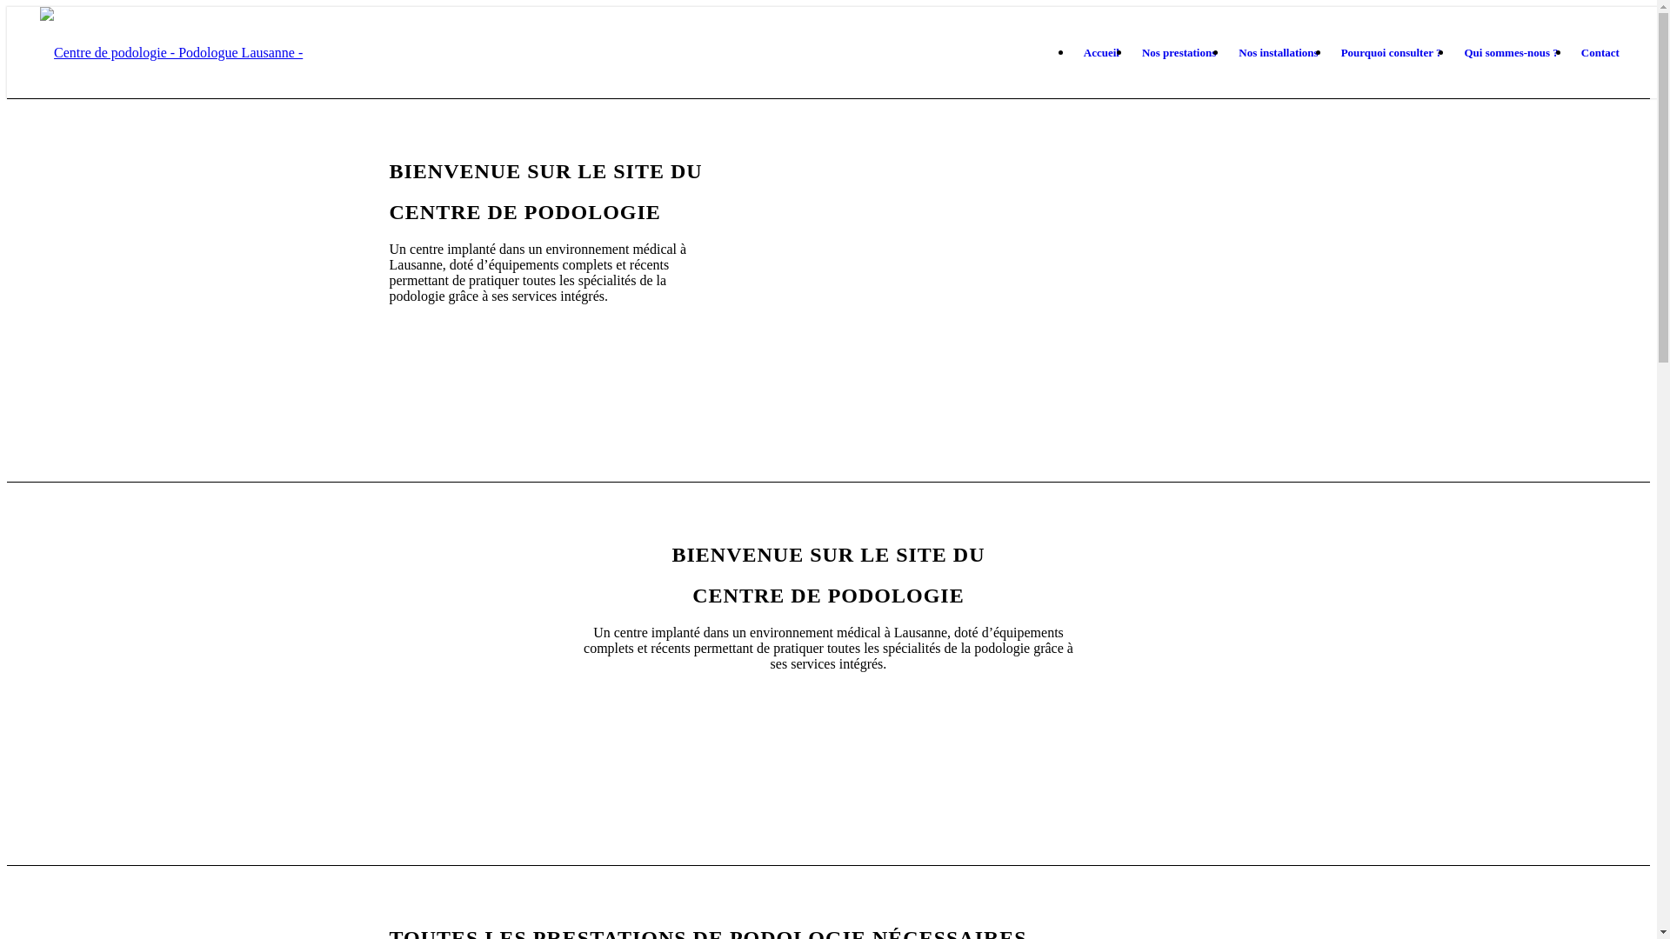 This screenshot has height=939, width=1670. Describe the element at coordinates (1453, 51) in the screenshot. I see `'Qui sommes-nous ?'` at that location.